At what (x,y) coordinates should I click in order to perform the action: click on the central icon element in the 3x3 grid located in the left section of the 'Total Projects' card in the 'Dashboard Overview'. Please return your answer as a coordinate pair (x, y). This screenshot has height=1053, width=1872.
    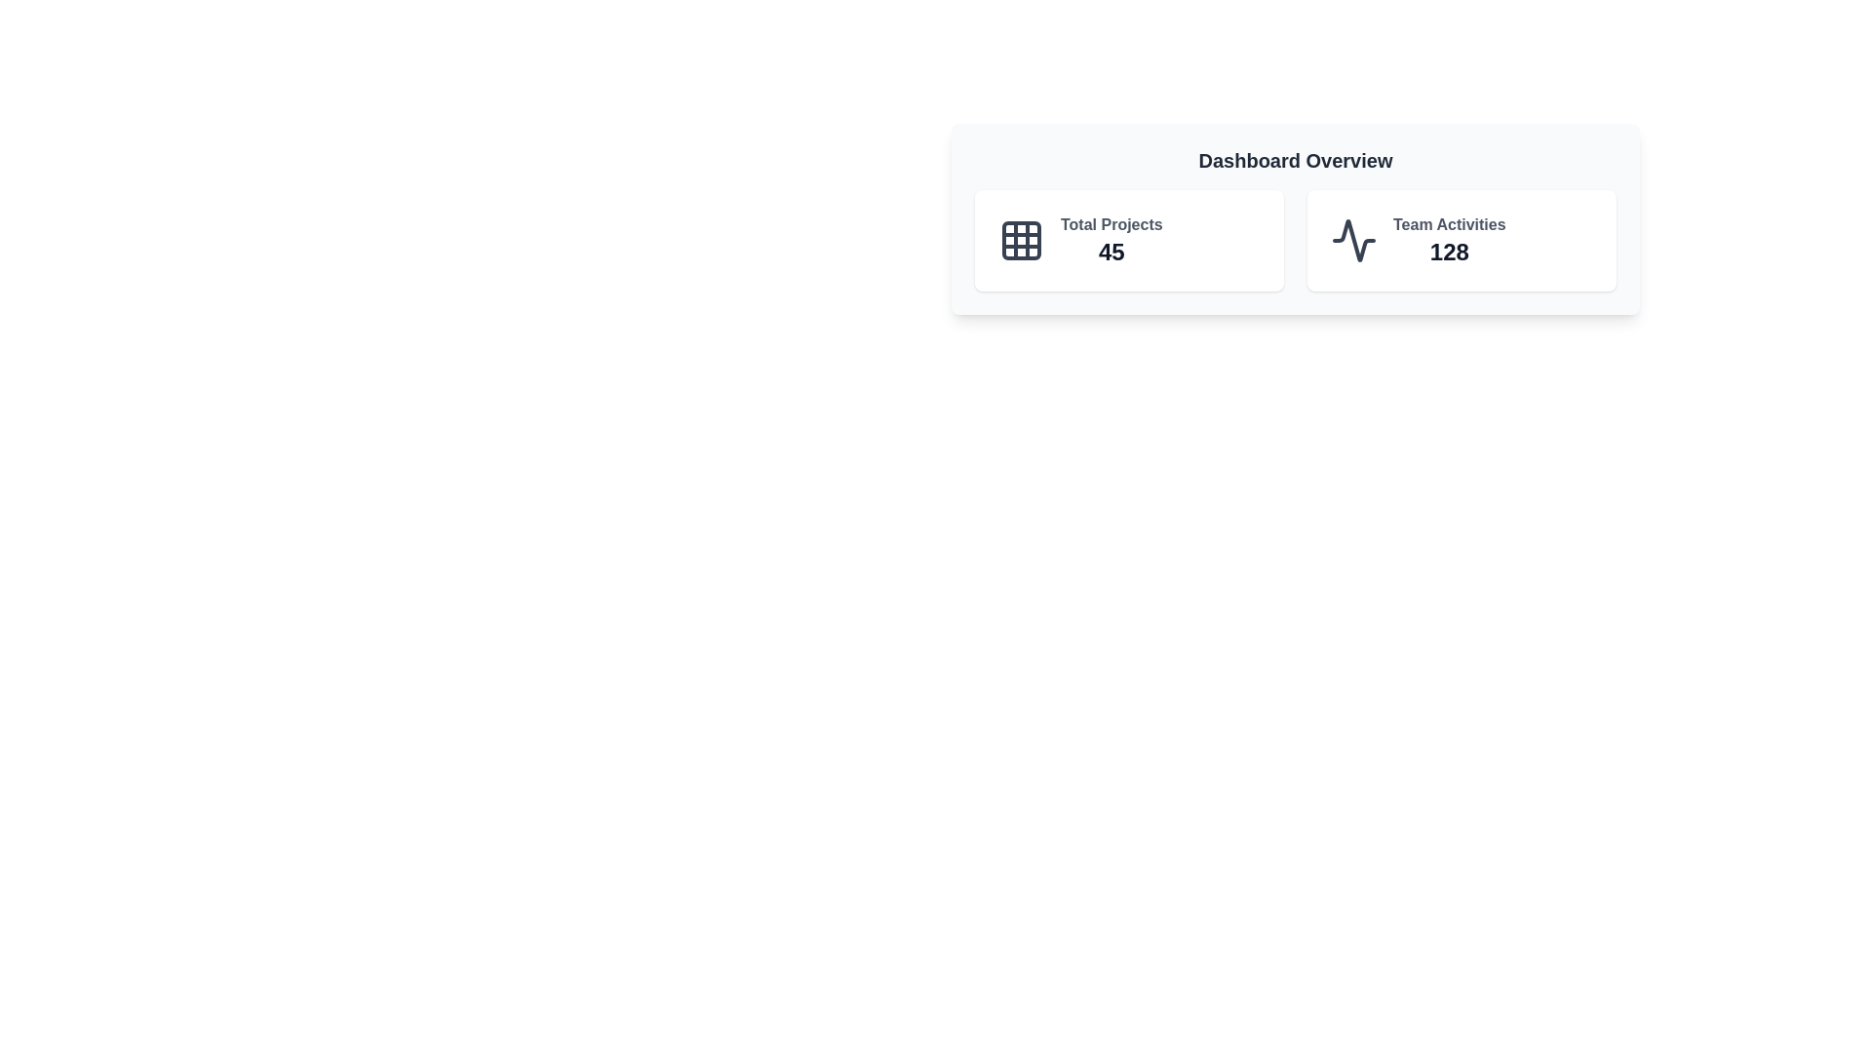
    Looking at the image, I should click on (1020, 239).